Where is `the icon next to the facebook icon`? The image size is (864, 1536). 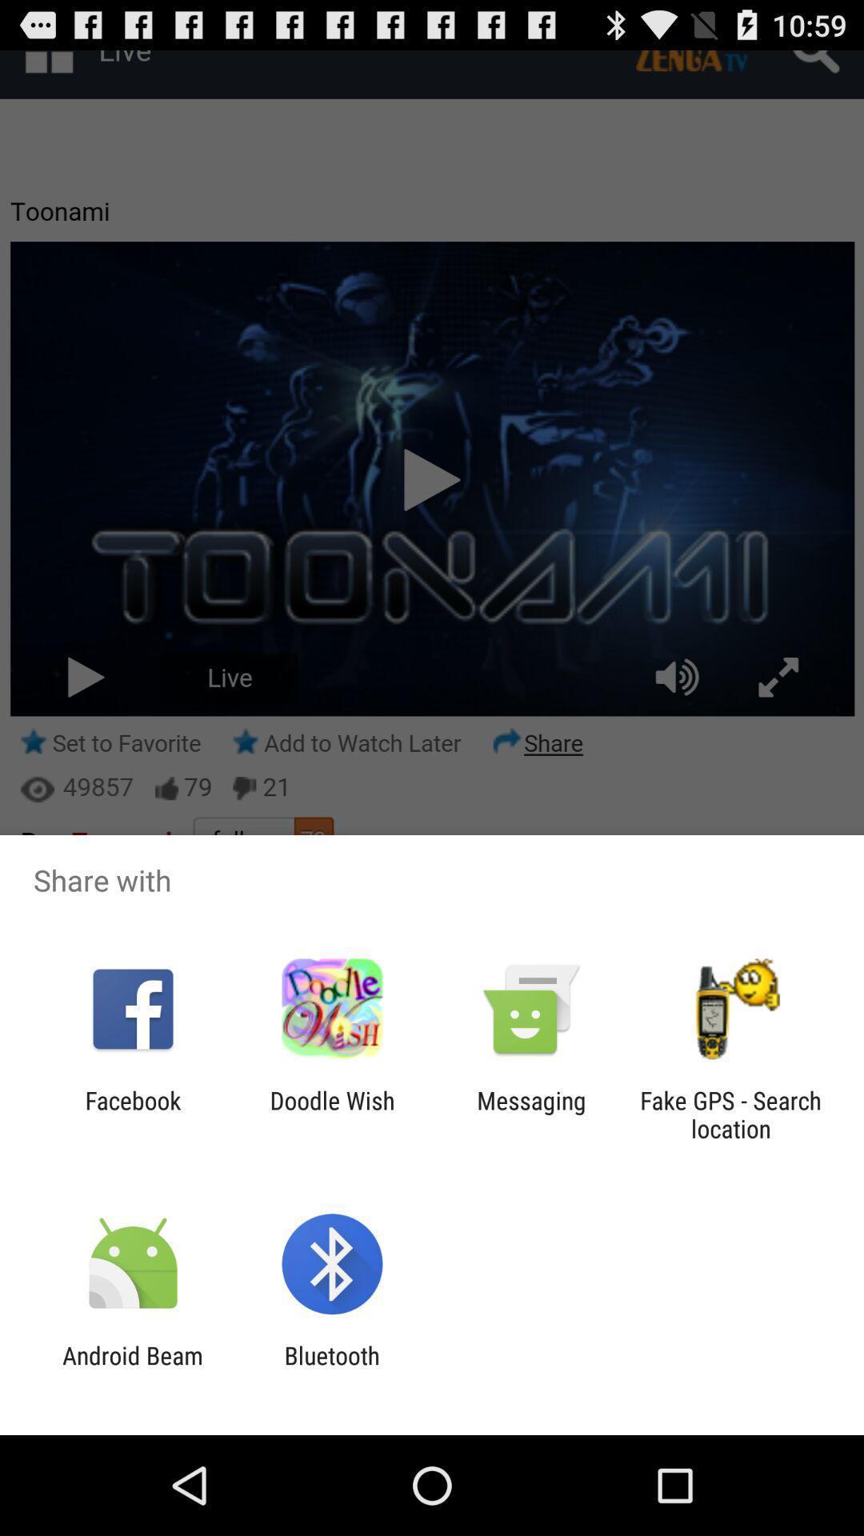
the icon next to the facebook icon is located at coordinates (331, 1114).